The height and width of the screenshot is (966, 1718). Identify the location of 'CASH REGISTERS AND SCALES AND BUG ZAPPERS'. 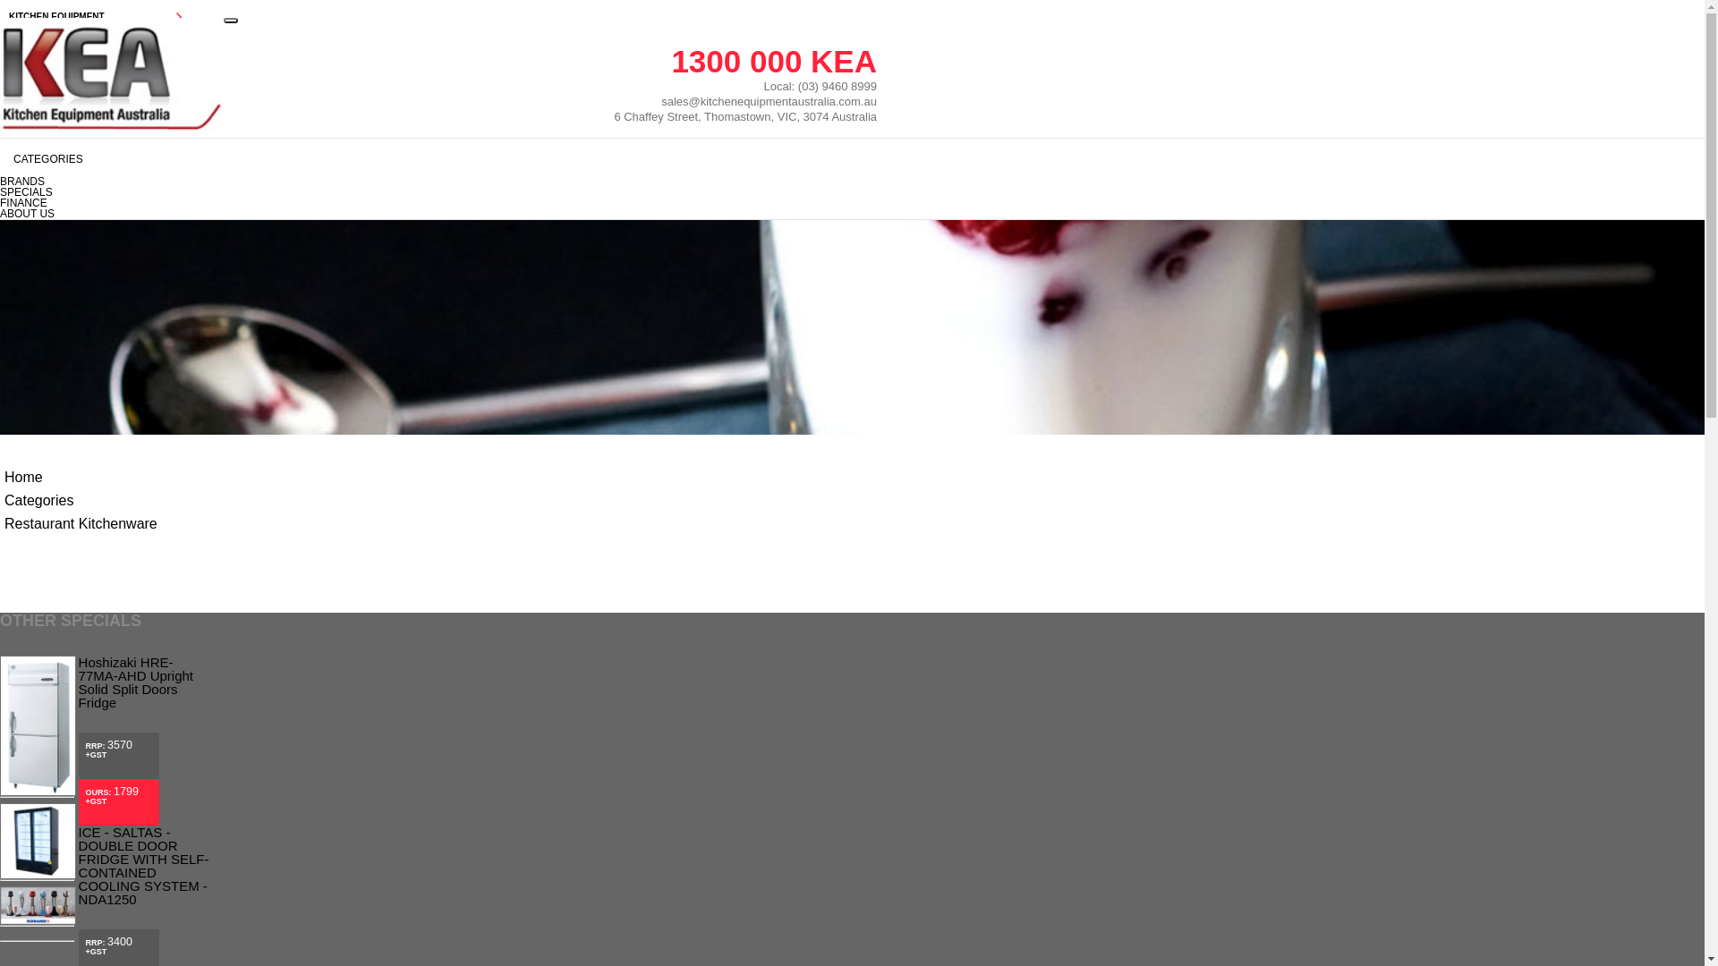
(98, 573).